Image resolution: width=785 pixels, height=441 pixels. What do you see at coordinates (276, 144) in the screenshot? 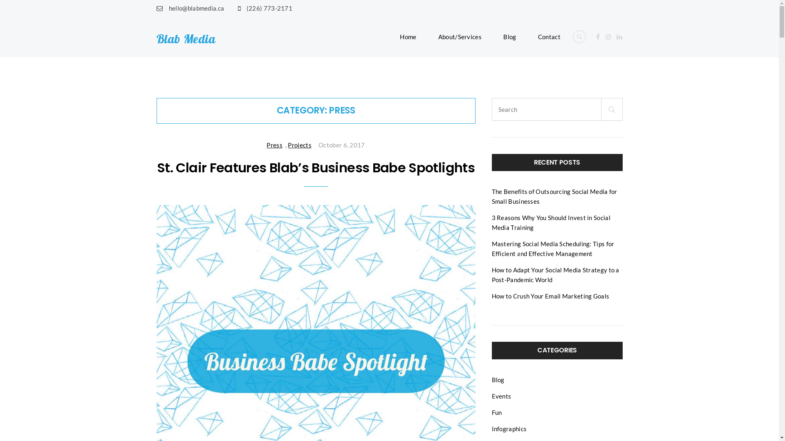
I see `'Press'` at bounding box center [276, 144].